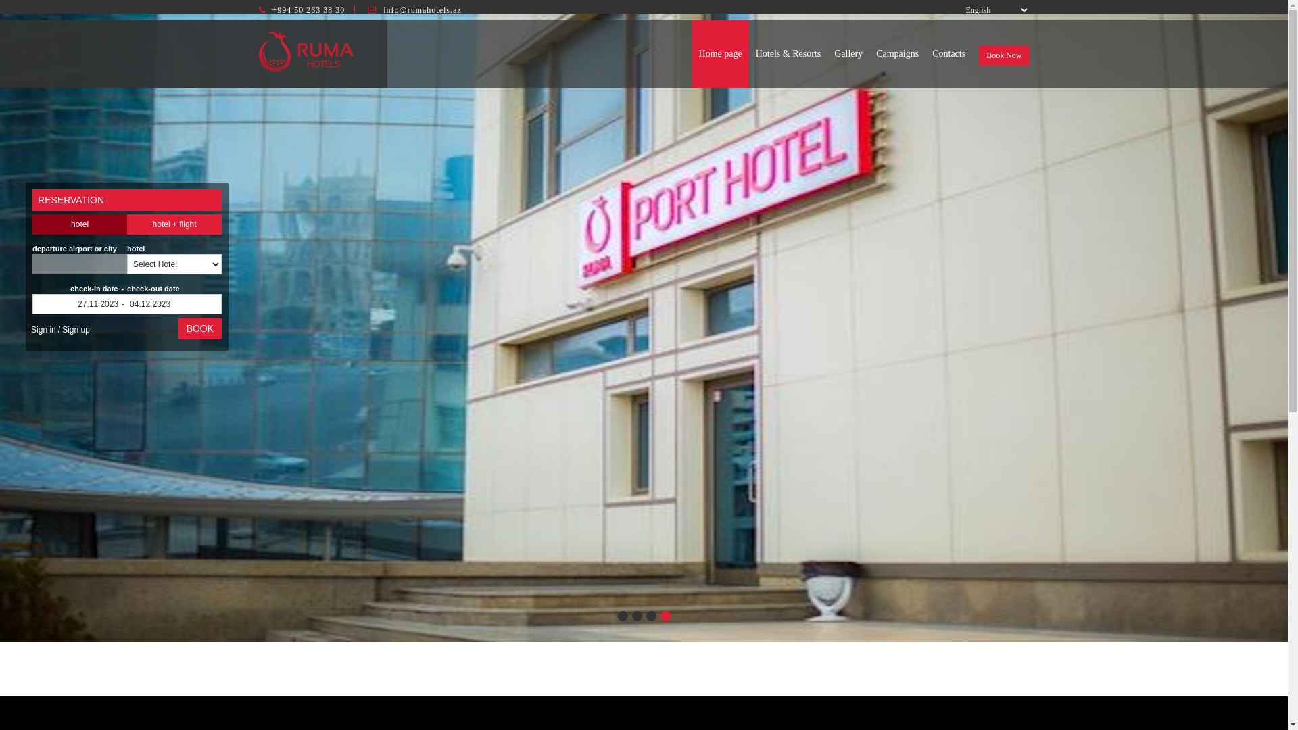 The image size is (1298, 730). Describe the element at coordinates (924, 53) in the screenshot. I see `'Contacts'` at that location.